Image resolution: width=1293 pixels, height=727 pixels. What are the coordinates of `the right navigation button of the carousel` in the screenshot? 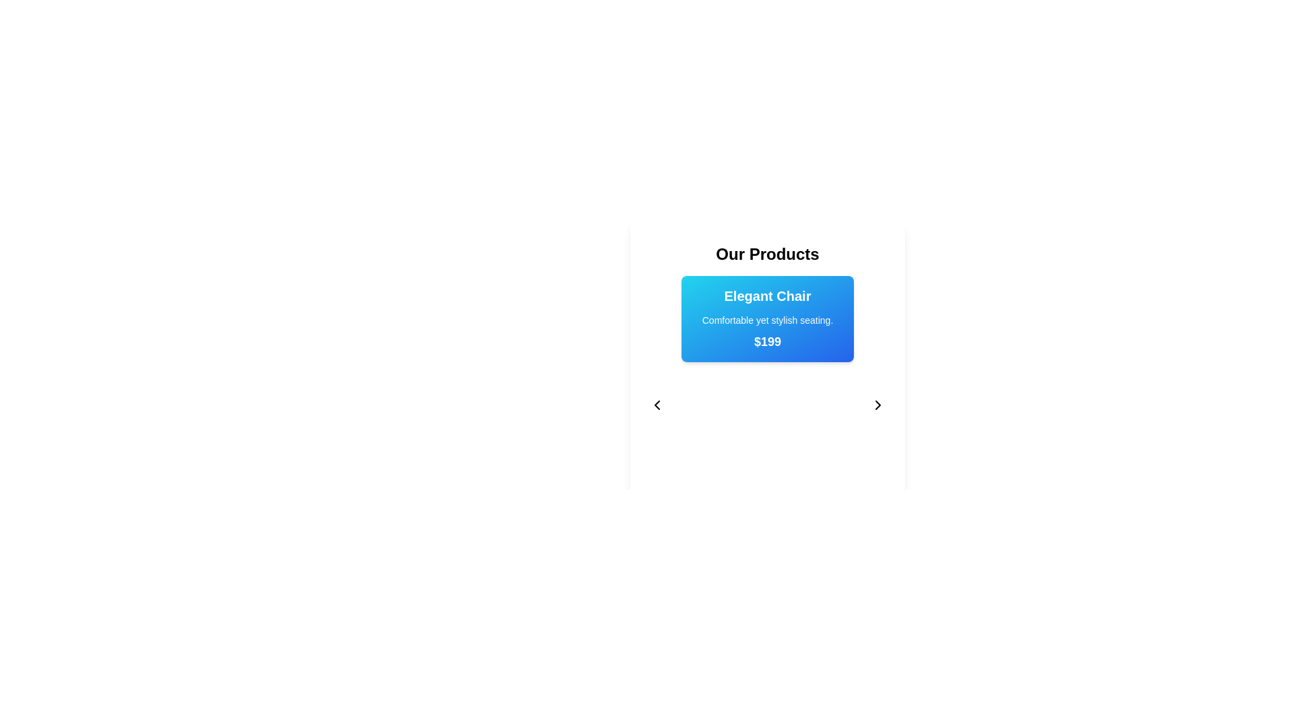 It's located at (878, 404).